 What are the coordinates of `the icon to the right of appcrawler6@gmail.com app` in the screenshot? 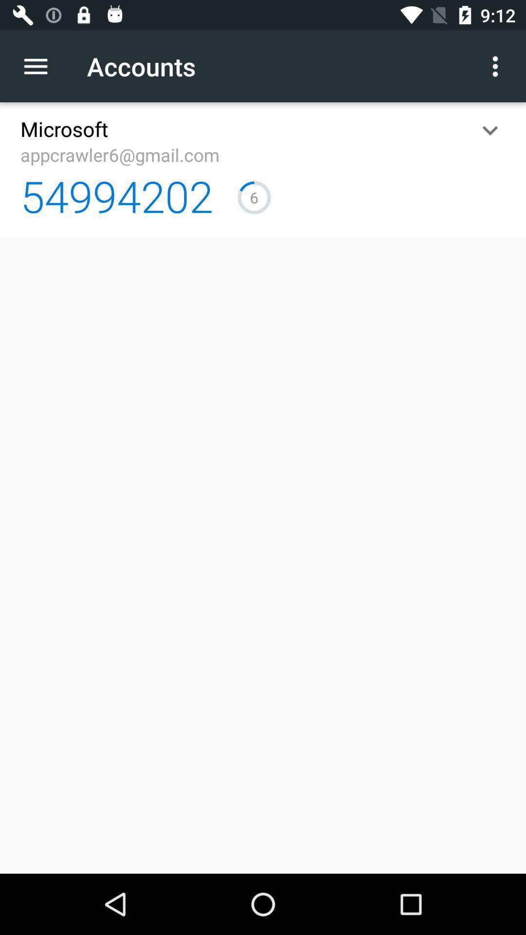 It's located at (490, 130).